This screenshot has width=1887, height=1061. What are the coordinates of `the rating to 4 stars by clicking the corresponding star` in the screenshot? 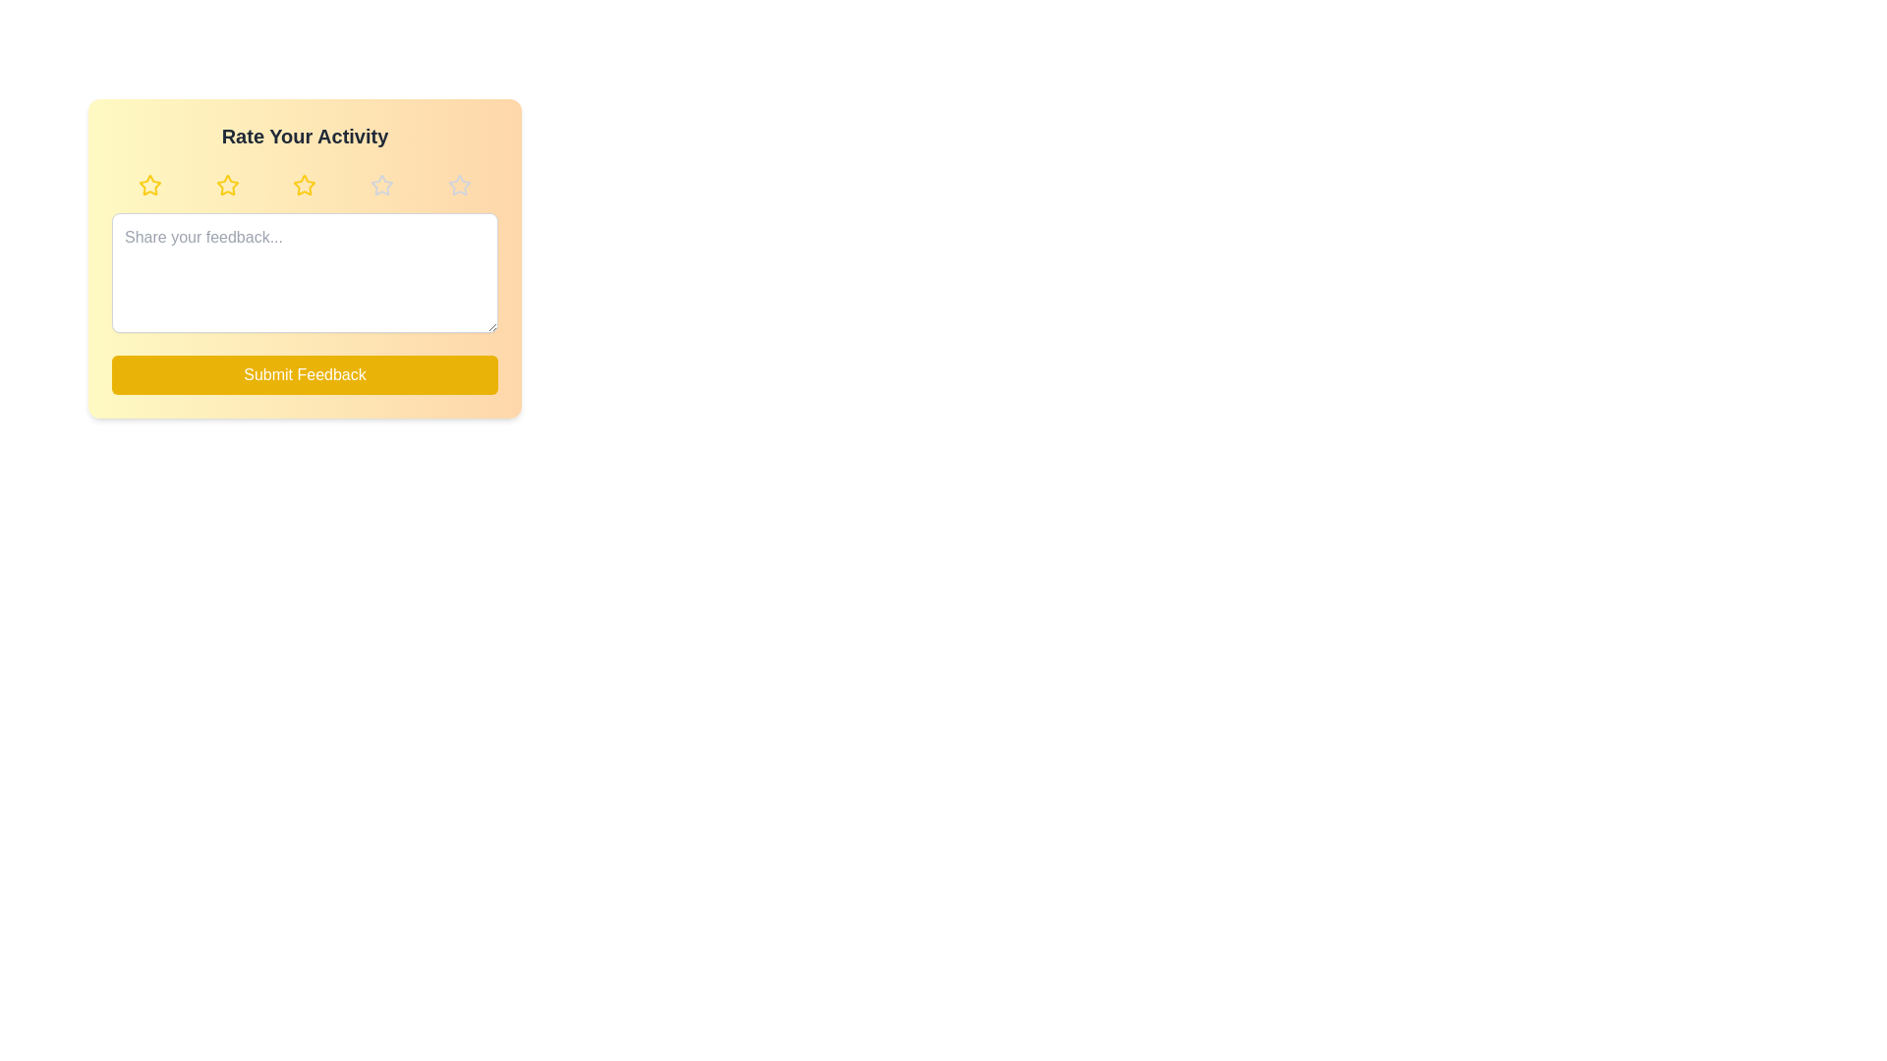 It's located at (381, 186).